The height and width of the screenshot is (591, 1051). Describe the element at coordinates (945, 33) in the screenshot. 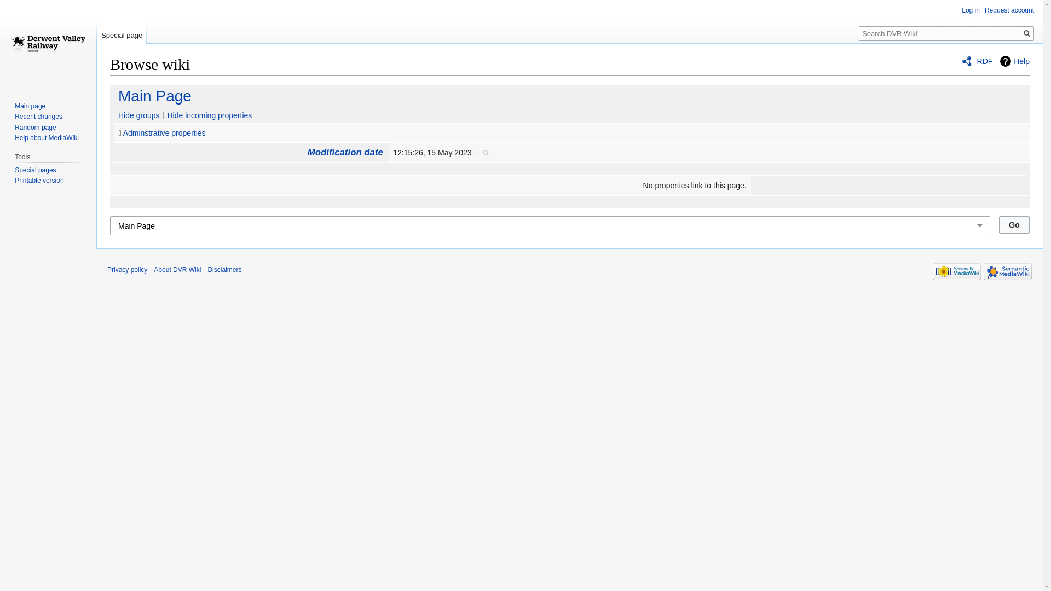

I see `'Search DVR Wiki [alt-shift-f]'` at that location.